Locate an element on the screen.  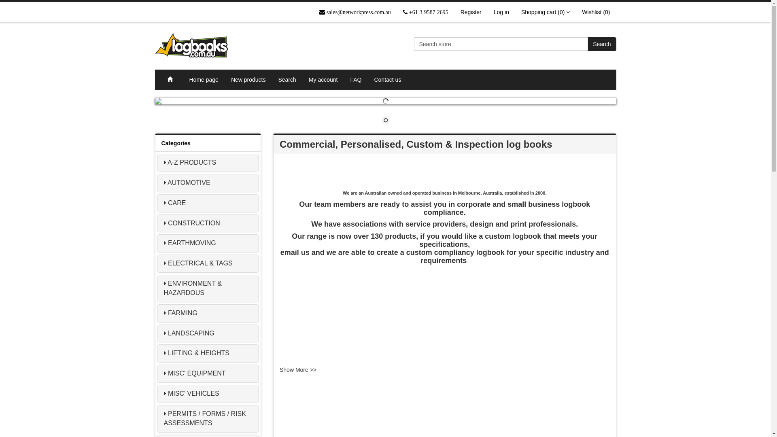
'EARTHMOVING' is located at coordinates (191, 242).